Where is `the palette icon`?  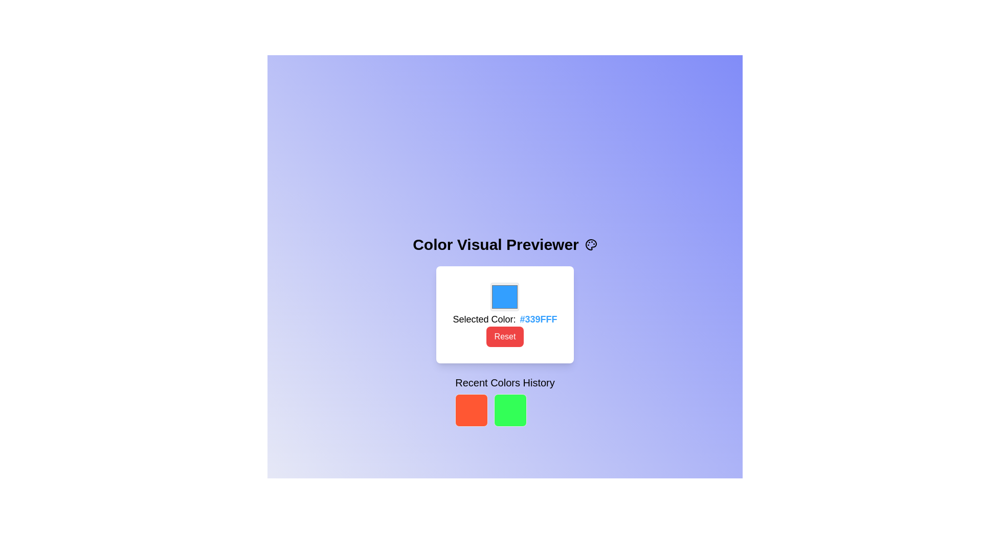
the palette icon is located at coordinates (591, 244).